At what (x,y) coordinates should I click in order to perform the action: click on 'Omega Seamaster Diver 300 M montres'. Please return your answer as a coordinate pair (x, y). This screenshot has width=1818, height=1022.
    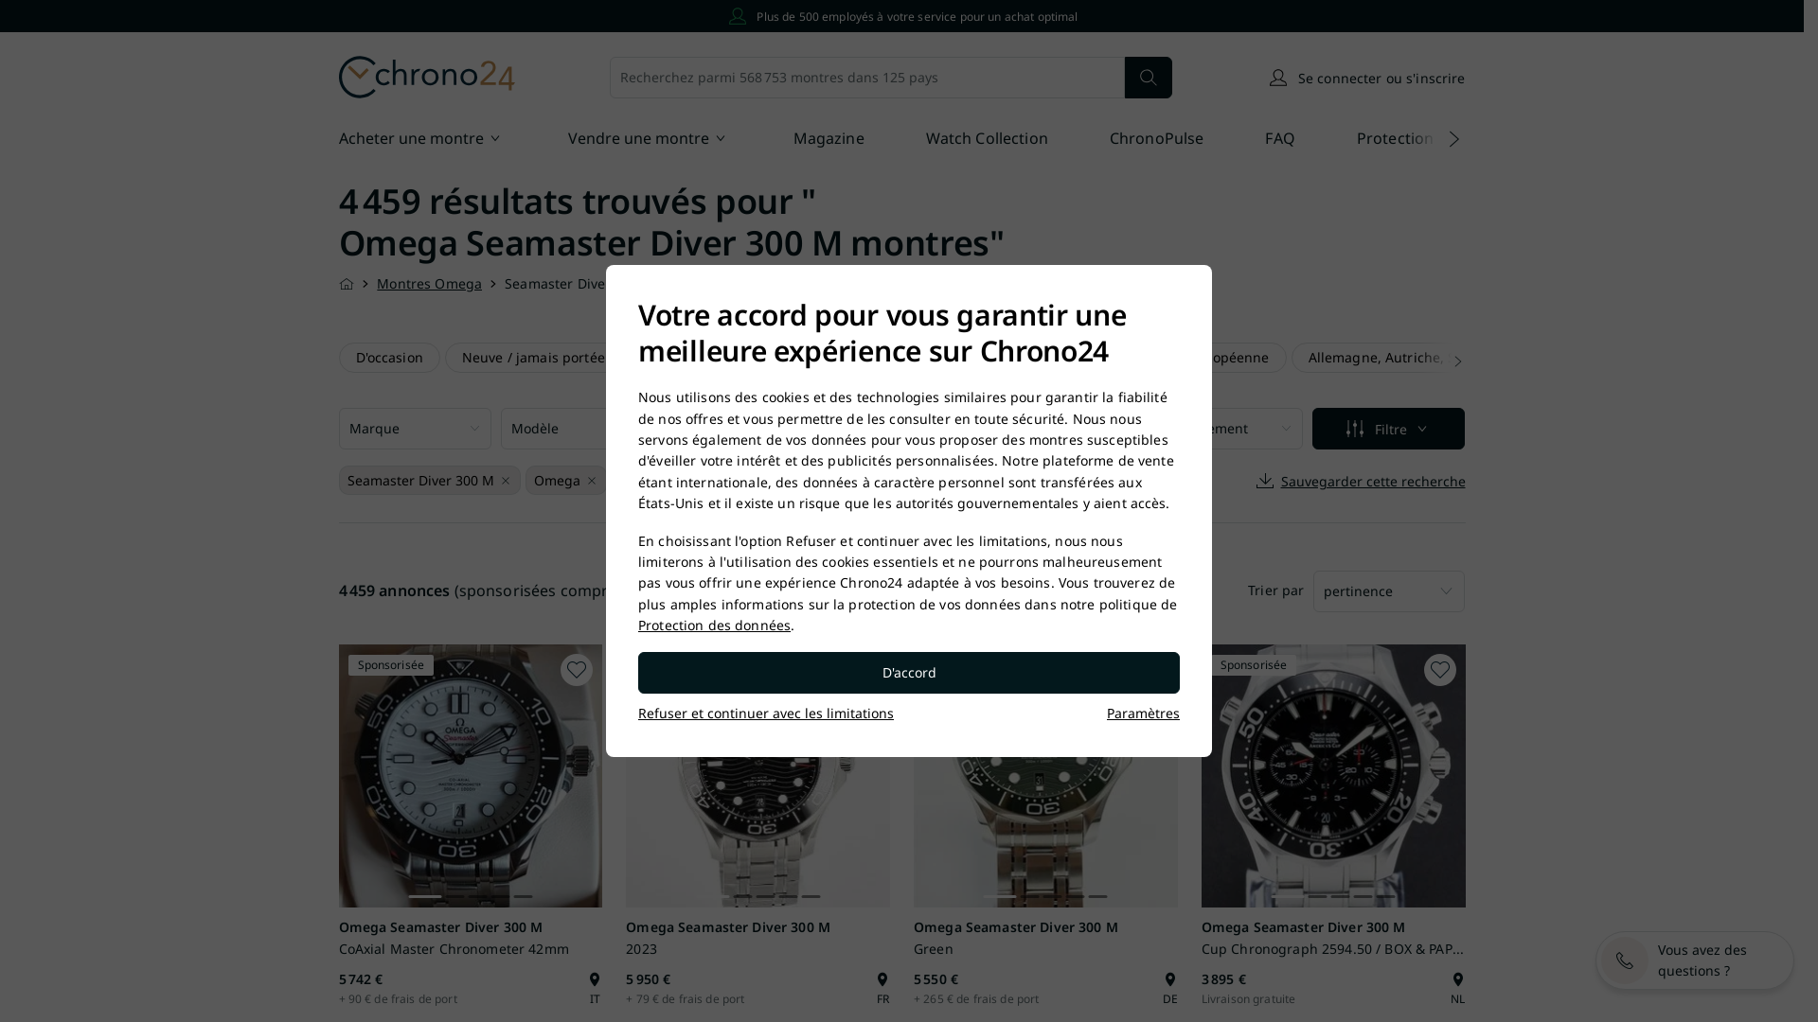
    Looking at the image, I should click on (664, 240).